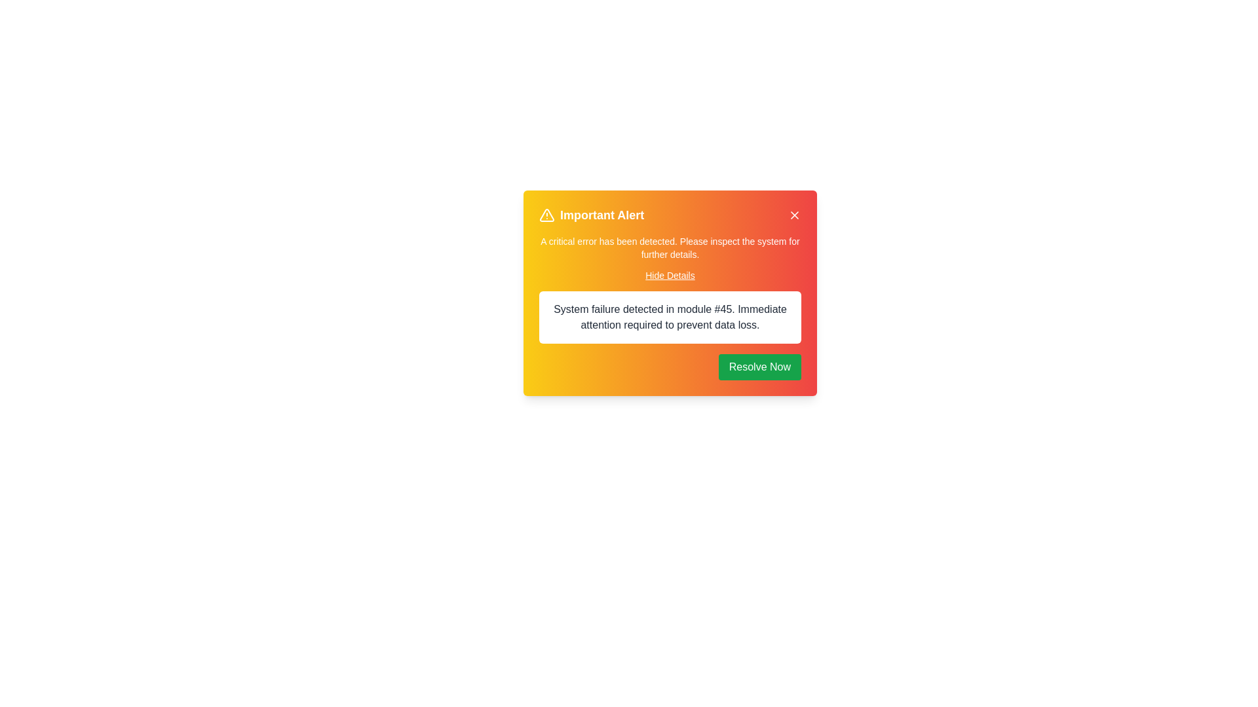 The height and width of the screenshot is (707, 1258). I want to click on the close button to dismiss the alert, so click(794, 214).